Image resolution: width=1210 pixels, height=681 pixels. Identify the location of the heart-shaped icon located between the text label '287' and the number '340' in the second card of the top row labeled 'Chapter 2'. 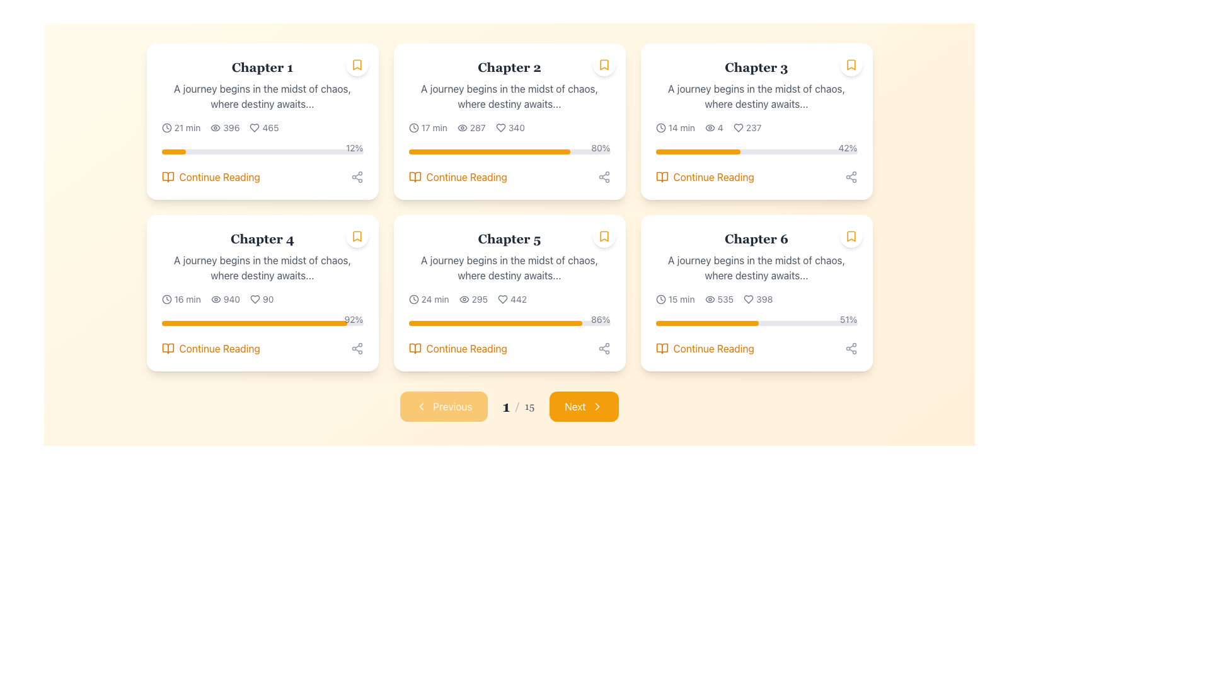
(500, 128).